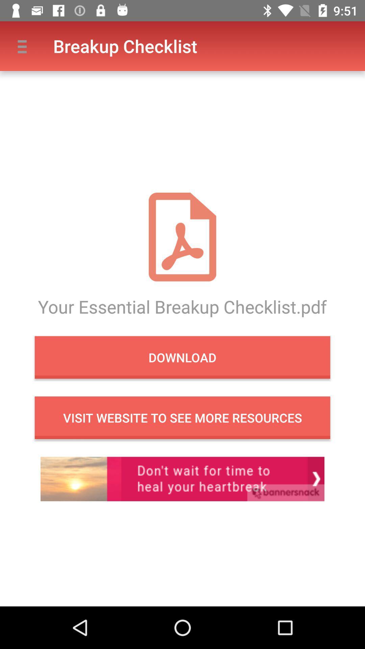  I want to click on click on add, so click(182, 479).